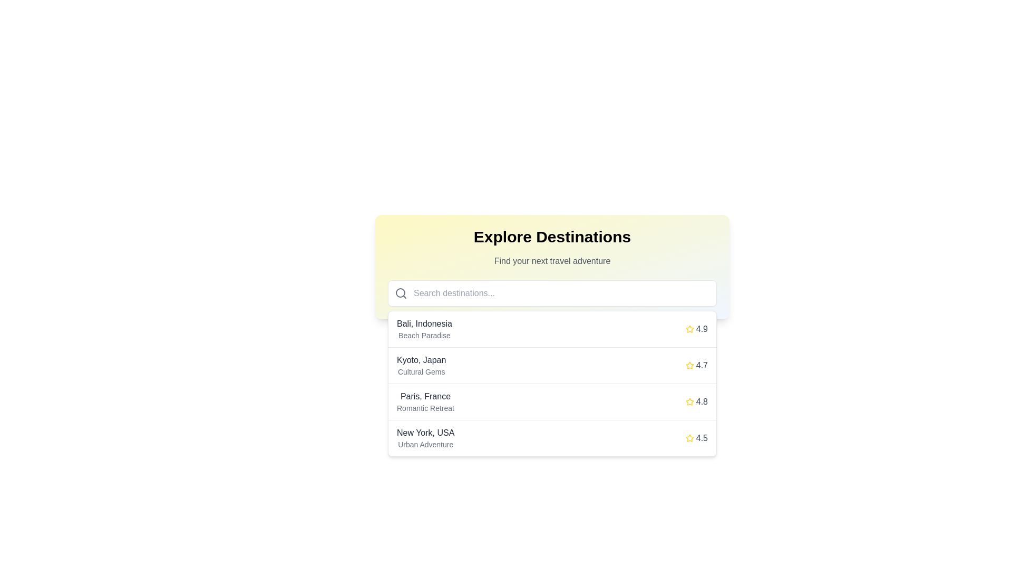 The image size is (1012, 569). Describe the element at coordinates (689, 328) in the screenshot. I see `the star icon representing the rating indicator for 'Bali, Indonesia', which is located to the left of the numeric rating value '4.9'` at that location.